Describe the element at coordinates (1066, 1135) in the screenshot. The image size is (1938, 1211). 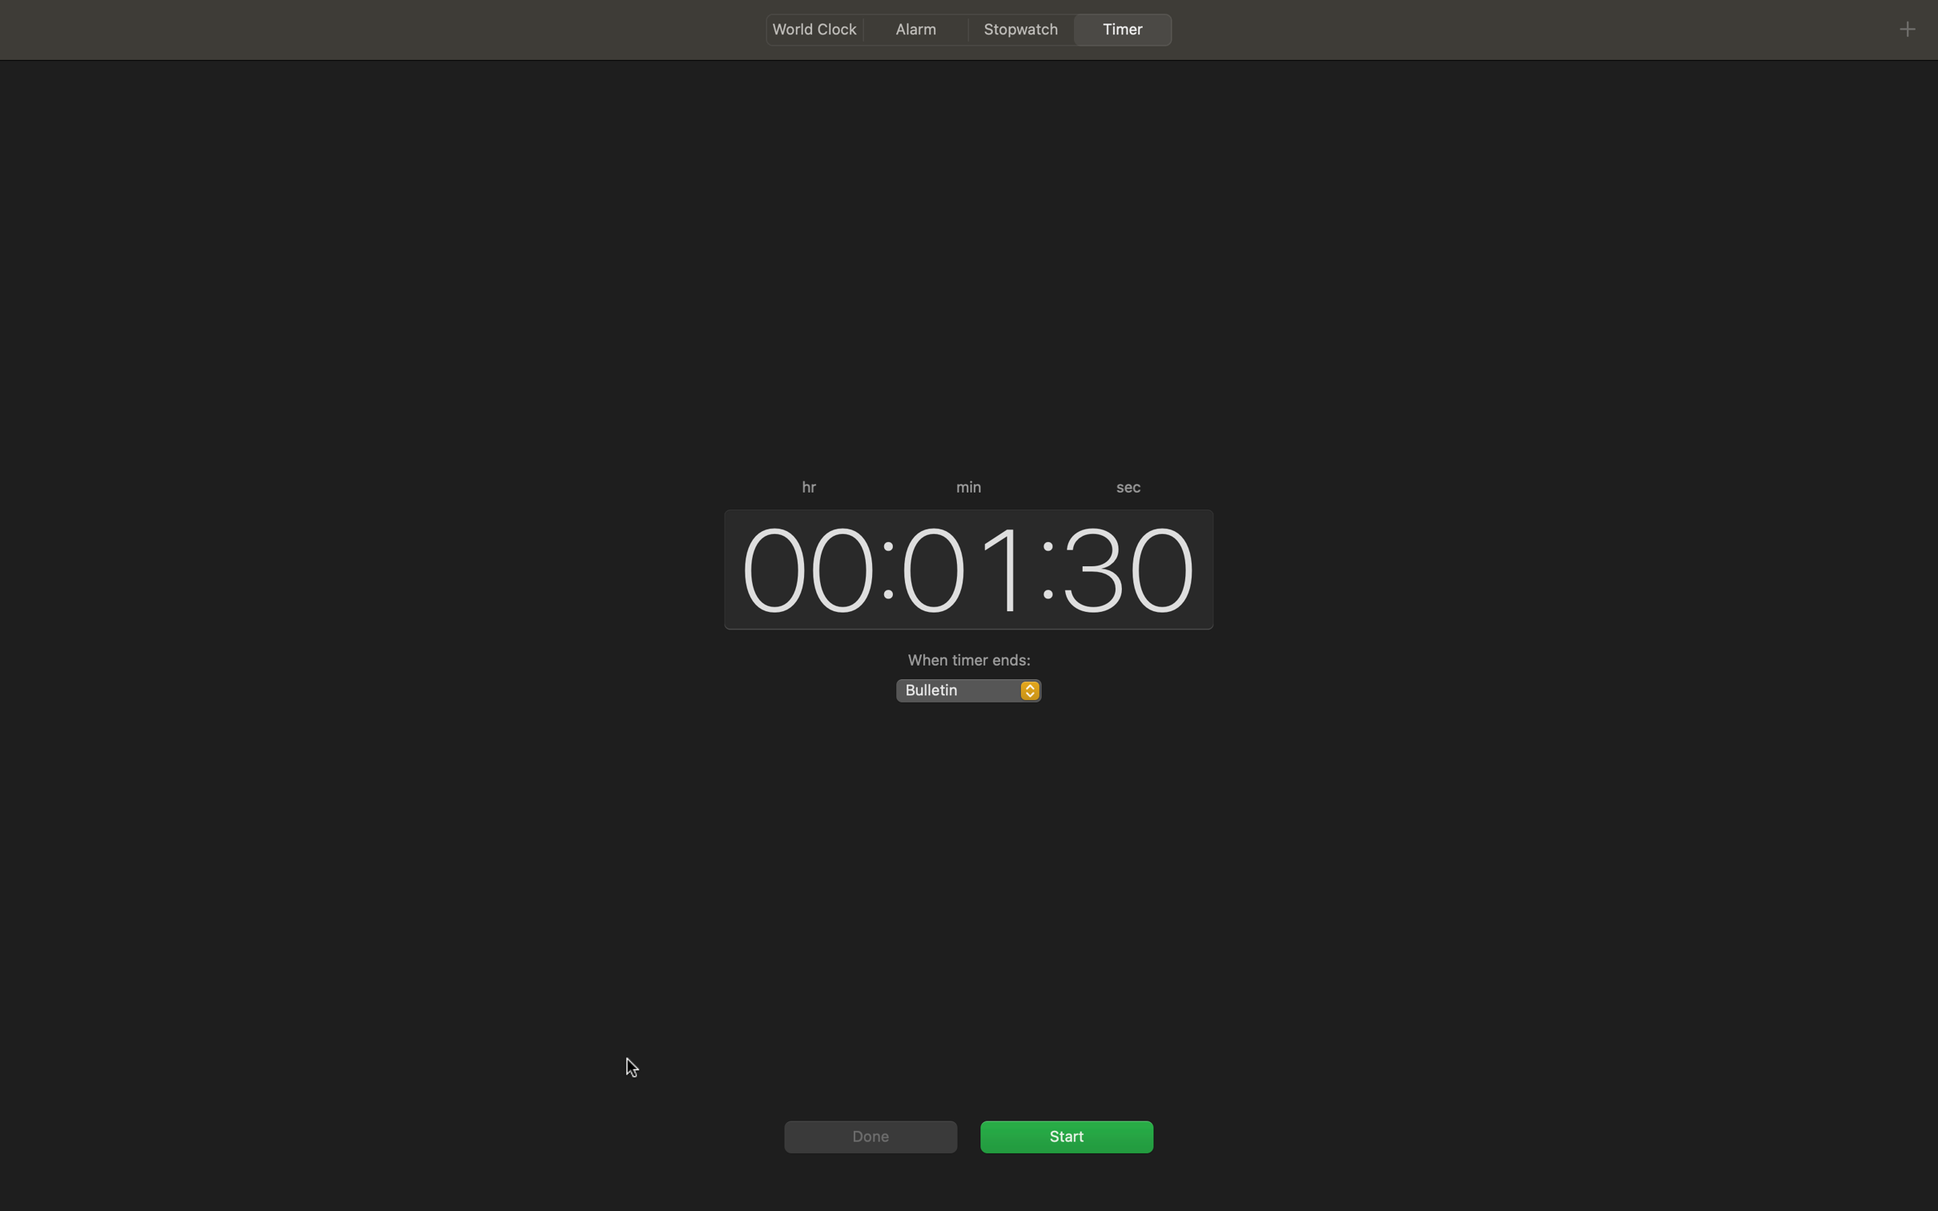
I see `Begin the countdown by clicking on the green start button` at that location.